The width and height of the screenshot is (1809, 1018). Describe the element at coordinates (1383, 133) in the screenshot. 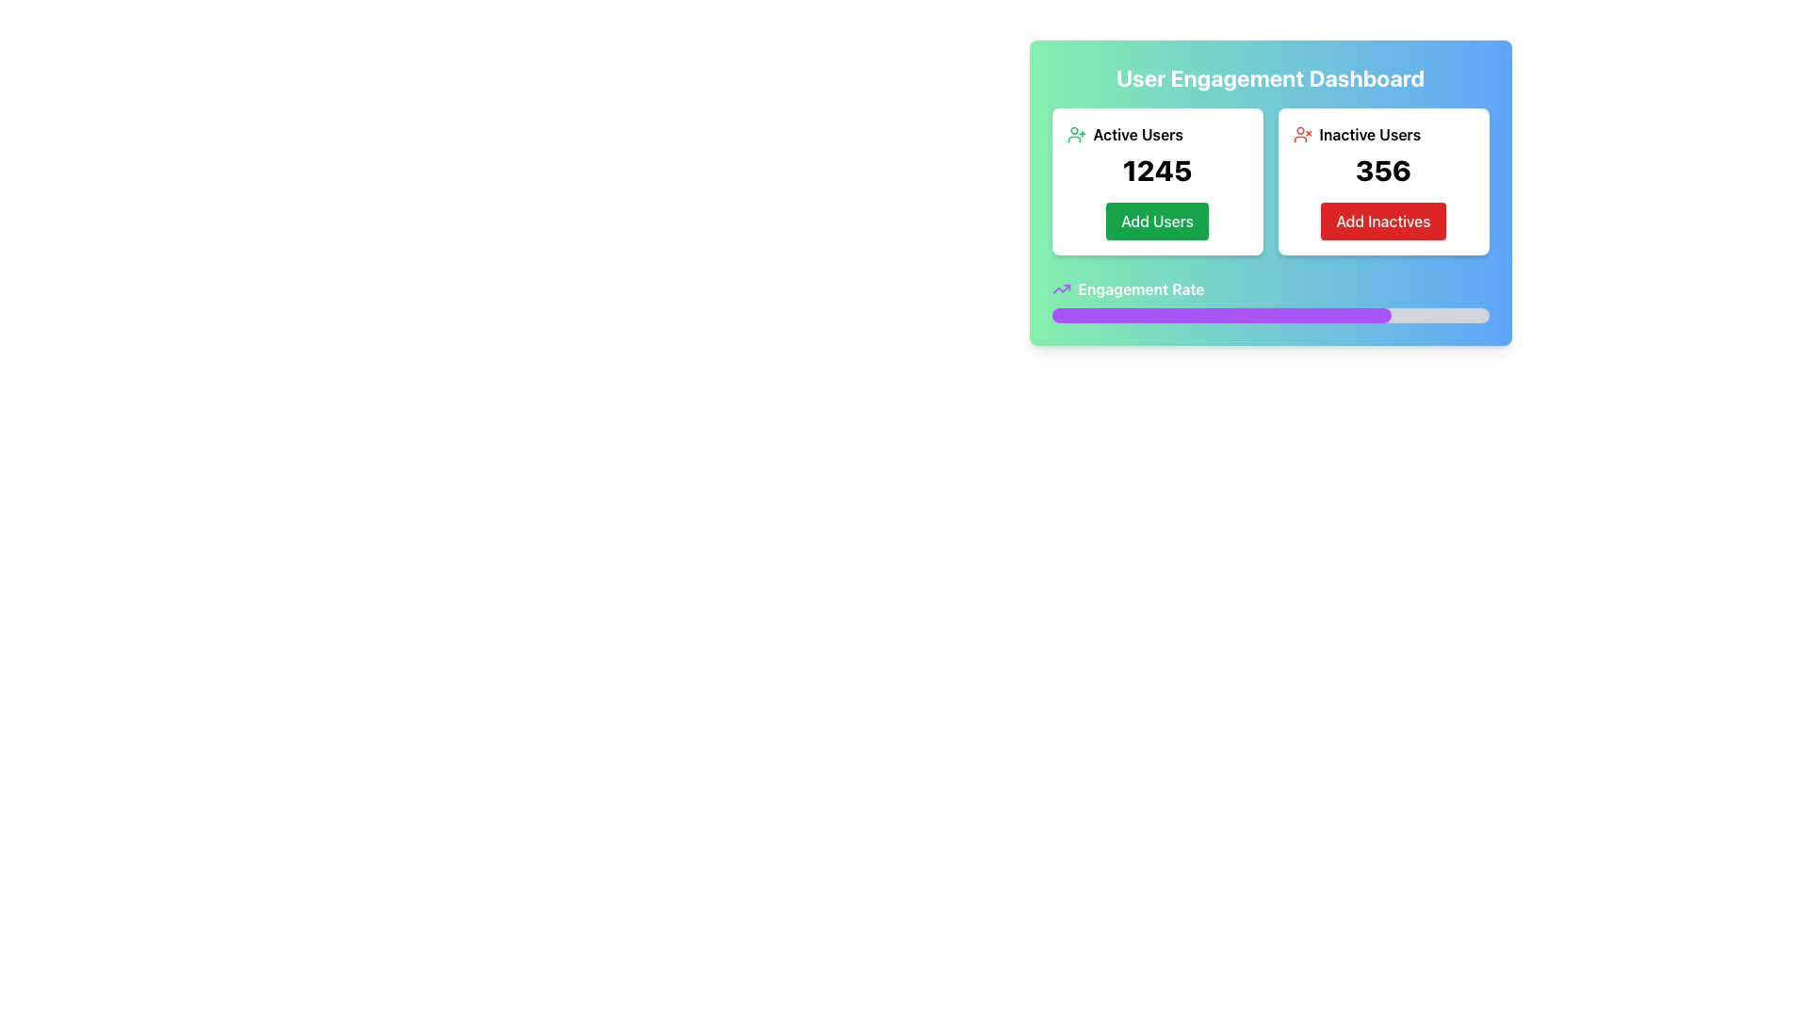

I see `the 'Inactive Users' text label with accompanying icon located at the top-center of the section, above the numerical value '356' and the 'Add Inactives' button` at that location.